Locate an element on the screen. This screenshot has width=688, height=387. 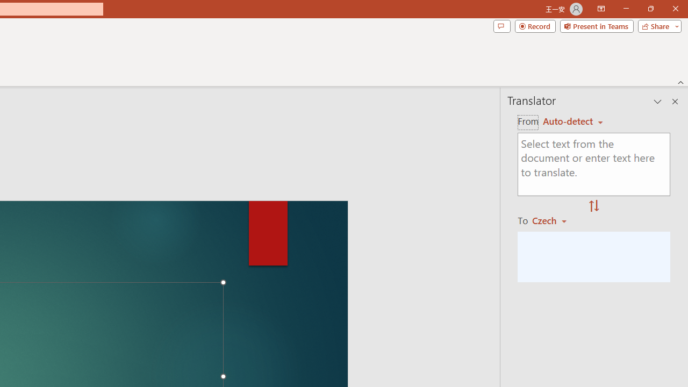
'Swap "from" and "to" languages.' is located at coordinates (593, 206).